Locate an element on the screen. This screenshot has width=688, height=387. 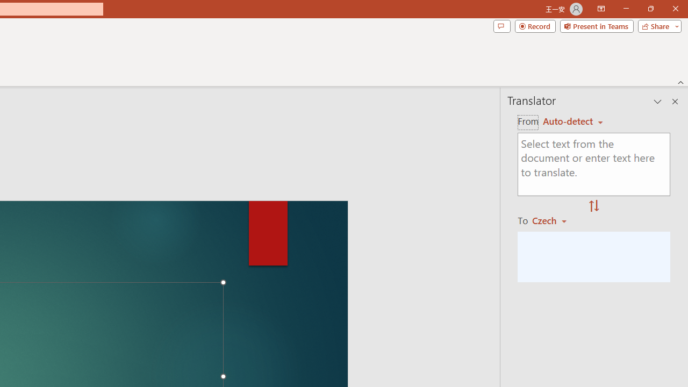
'Swap "from" and "to" languages.' is located at coordinates (593, 206).